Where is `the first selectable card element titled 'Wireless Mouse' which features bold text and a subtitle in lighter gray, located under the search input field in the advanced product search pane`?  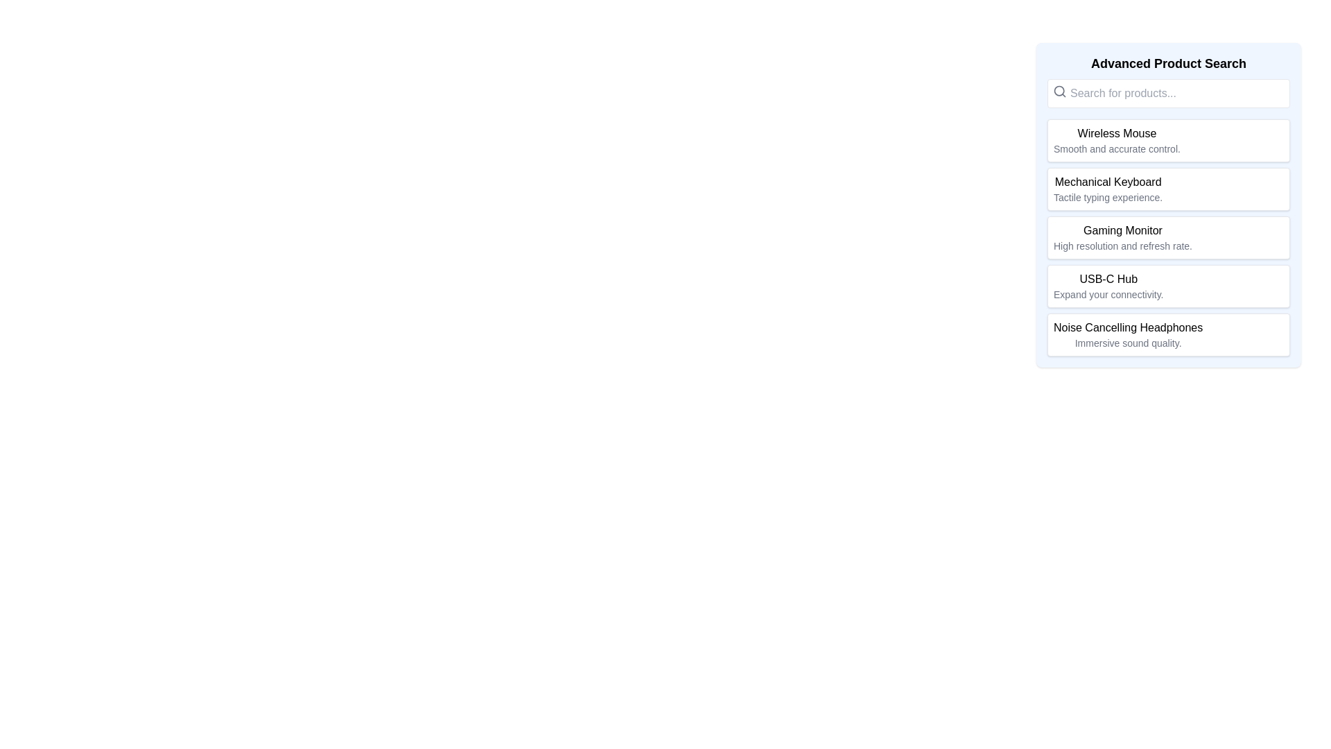
the first selectable card element titled 'Wireless Mouse' which features bold text and a subtitle in lighter gray, located under the search input field in the advanced product search pane is located at coordinates (1167, 141).